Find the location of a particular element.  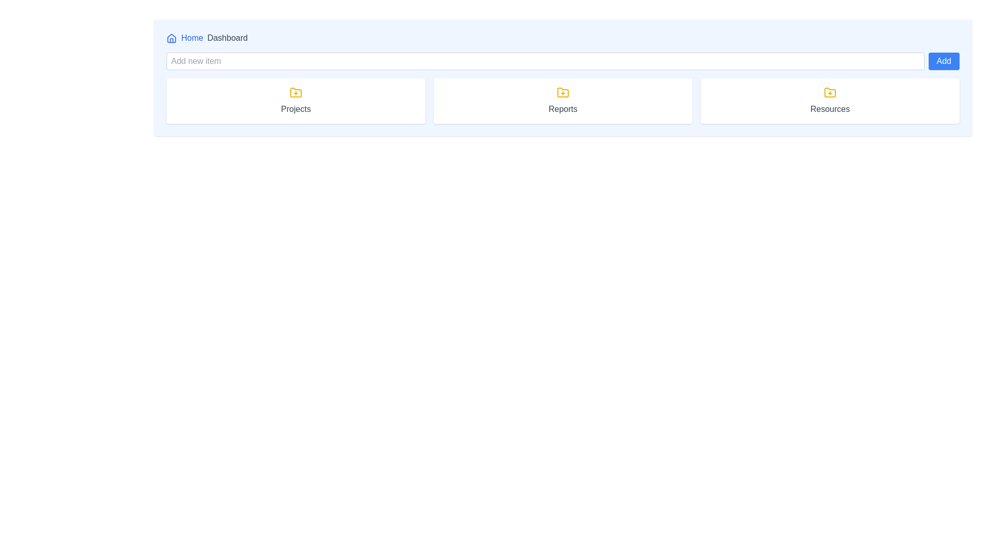

the second clickable card in the row is located at coordinates (562, 101).